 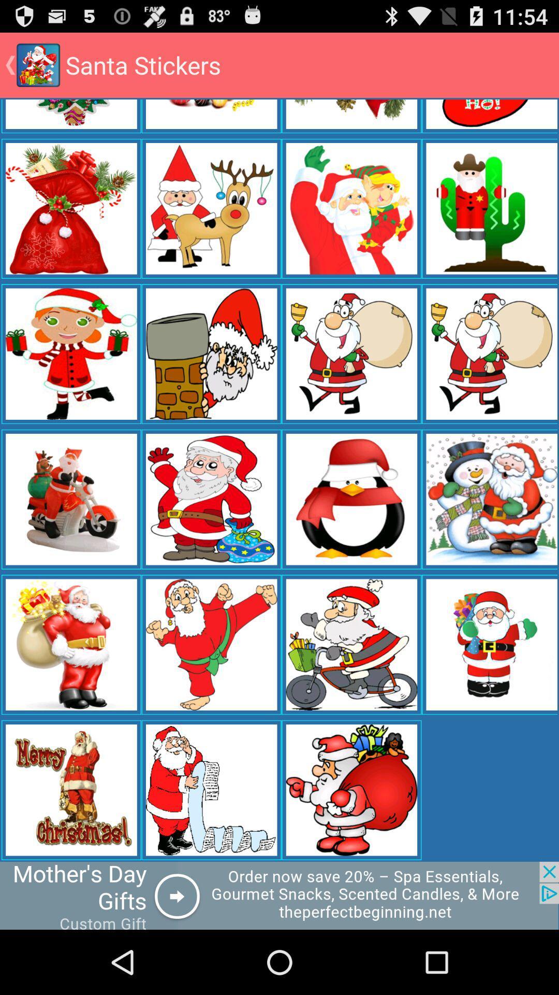 What do you see at coordinates (211, 790) in the screenshot?
I see `the last row second image` at bounding box center [211, 790].